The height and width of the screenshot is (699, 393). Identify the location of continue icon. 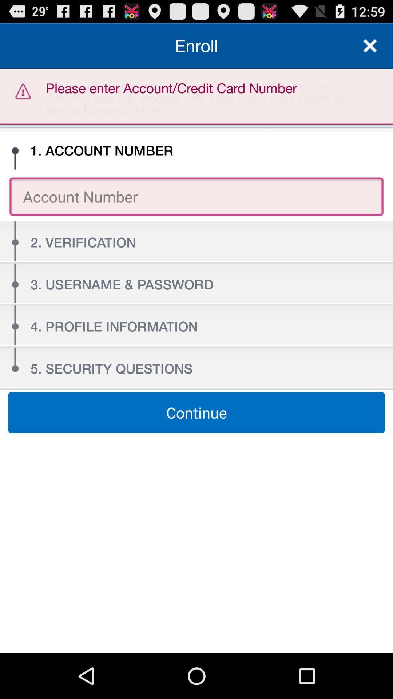
(196, 412).